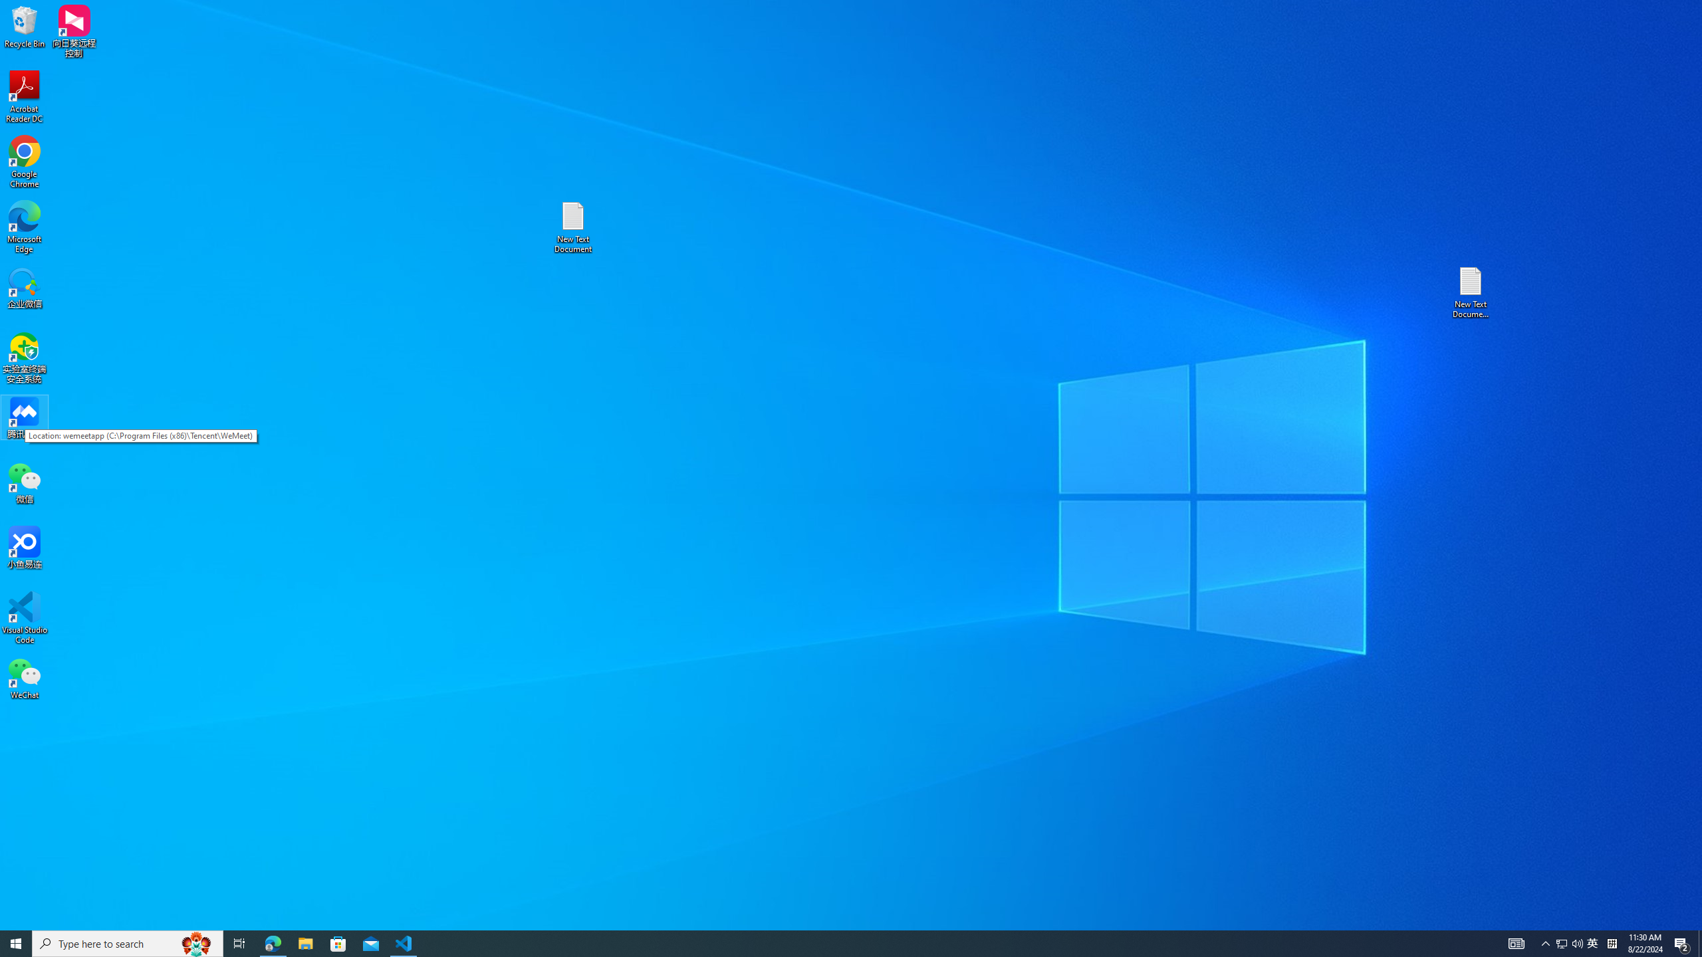 This screenshot has height=957, width=1702. What do you see at coordinates (24, 25) in the screenshot?
I see `'Recycle Bin'` at bounding box center [24, 25].